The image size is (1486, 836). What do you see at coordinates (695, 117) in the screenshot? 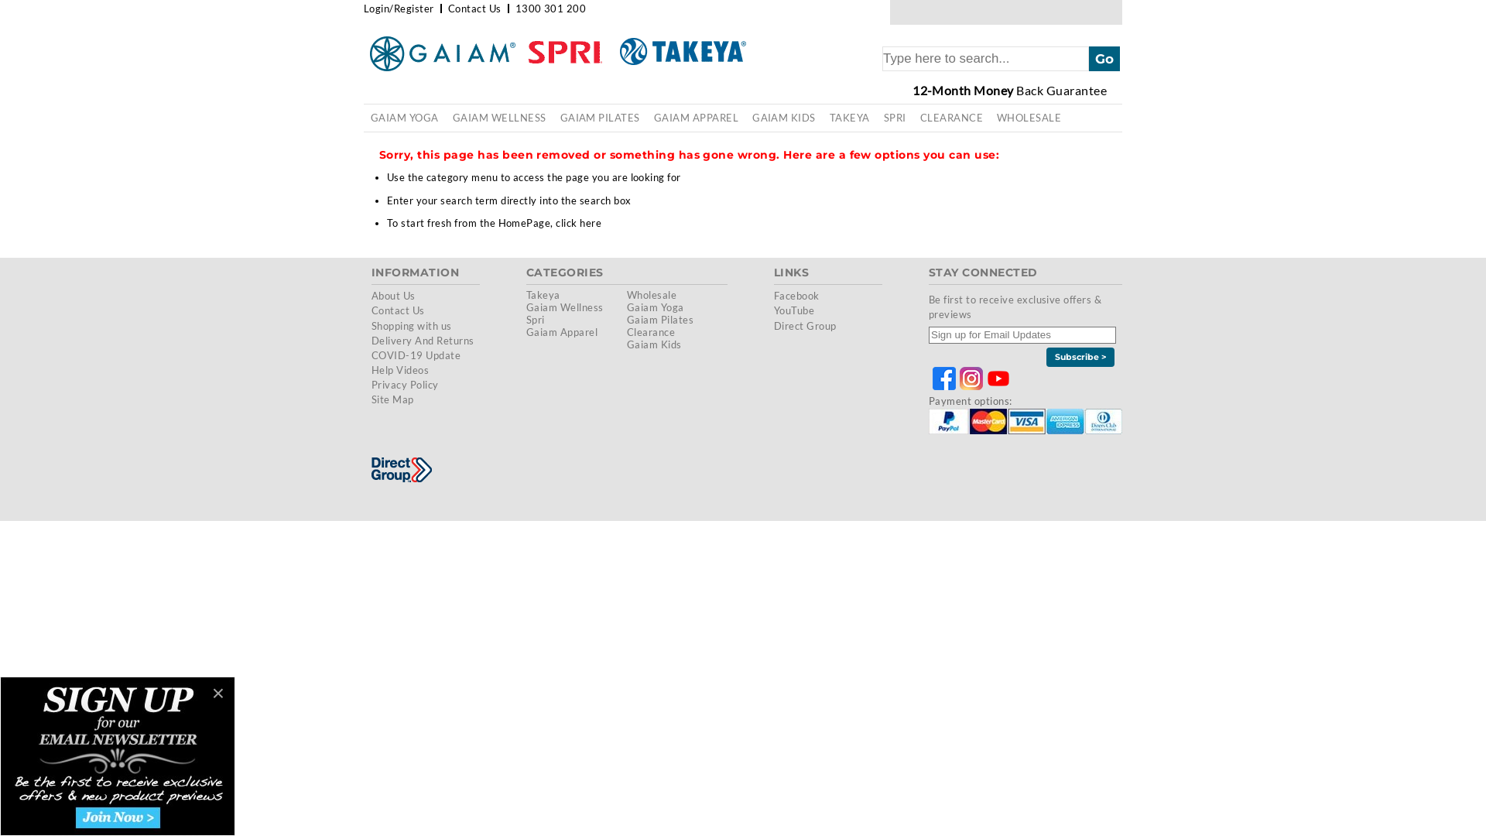
I see `'GAIAM APPAREL'` at bounding box center [695, 117].